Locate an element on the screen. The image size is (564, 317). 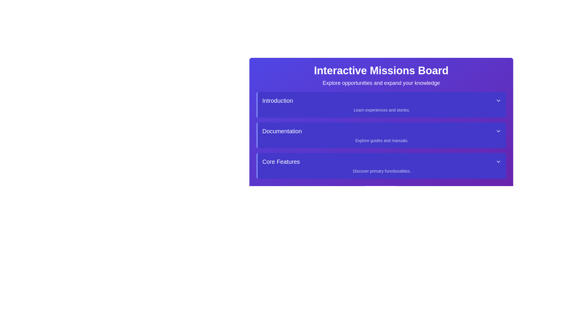
the downward-pointing chevron icon next to the 'Documentation' text in the 'Interactive Missions Board' interface is located at coordinates (498, 131).